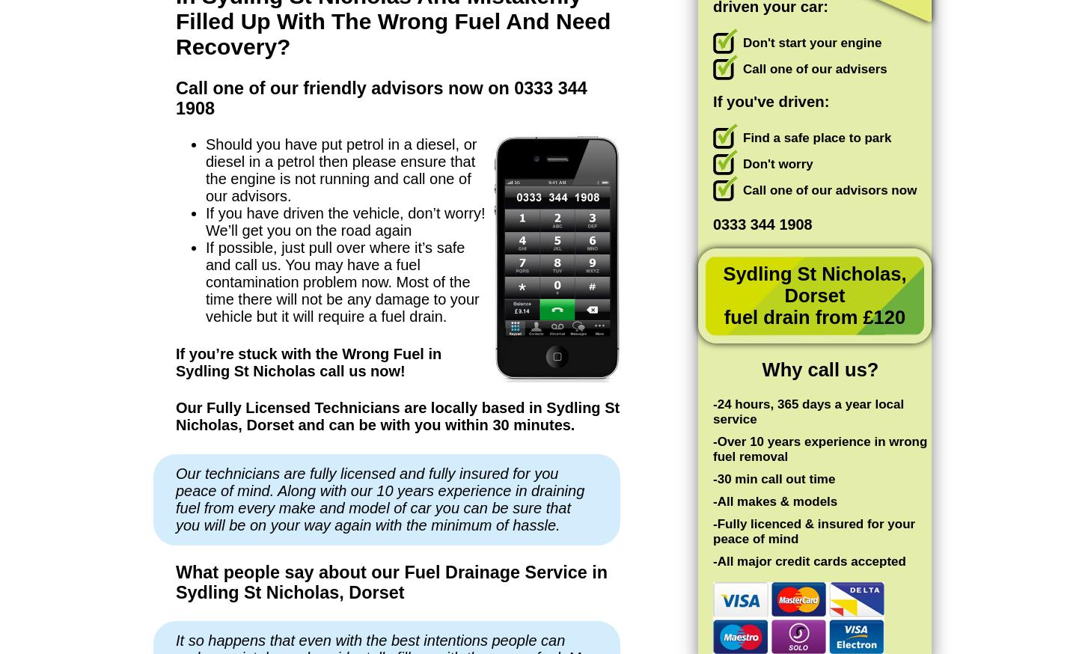  What do you see at coordinates (762, 368) in the screenshot?
I see `'Why call us?'` at bounding box center [762, 368].